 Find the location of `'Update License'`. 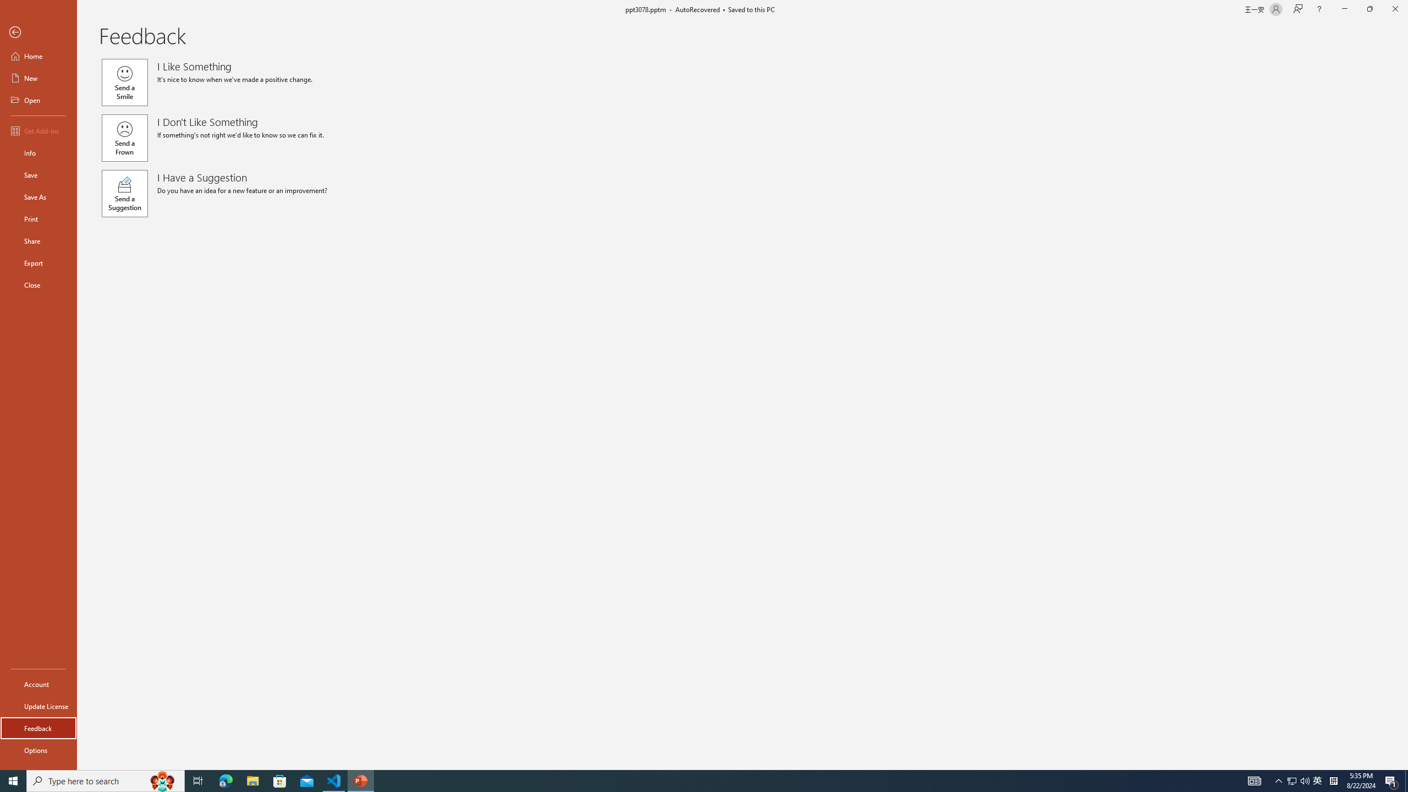

'Update License' is located at coordinates (38, 706).